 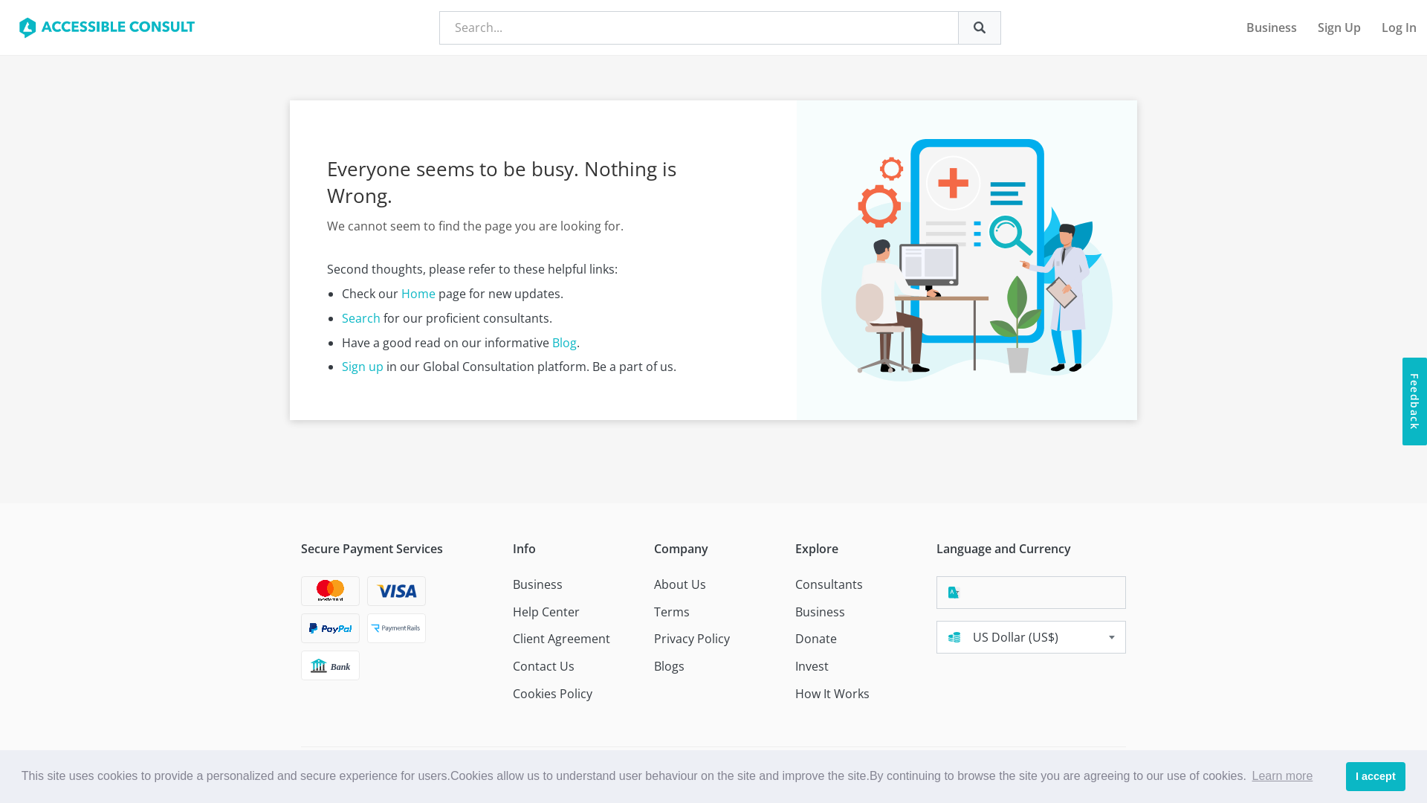 What do you see at coordinates (543, 665) in the screenshot?
I see `'Contact Us'` at bounding box center [543, 665].